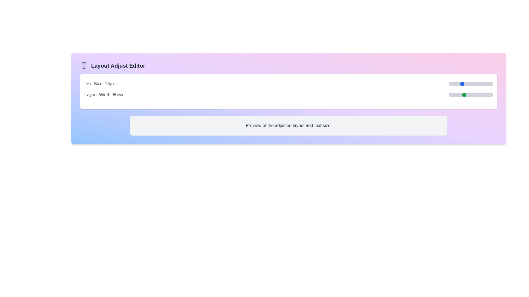  I want to click on the slider, so click(477, 84).